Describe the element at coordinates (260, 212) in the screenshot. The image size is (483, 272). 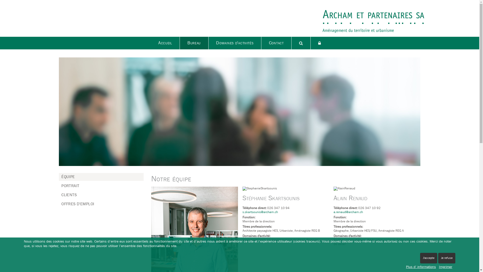
I see `'s.skartsounis@archam.ch'` at that location.